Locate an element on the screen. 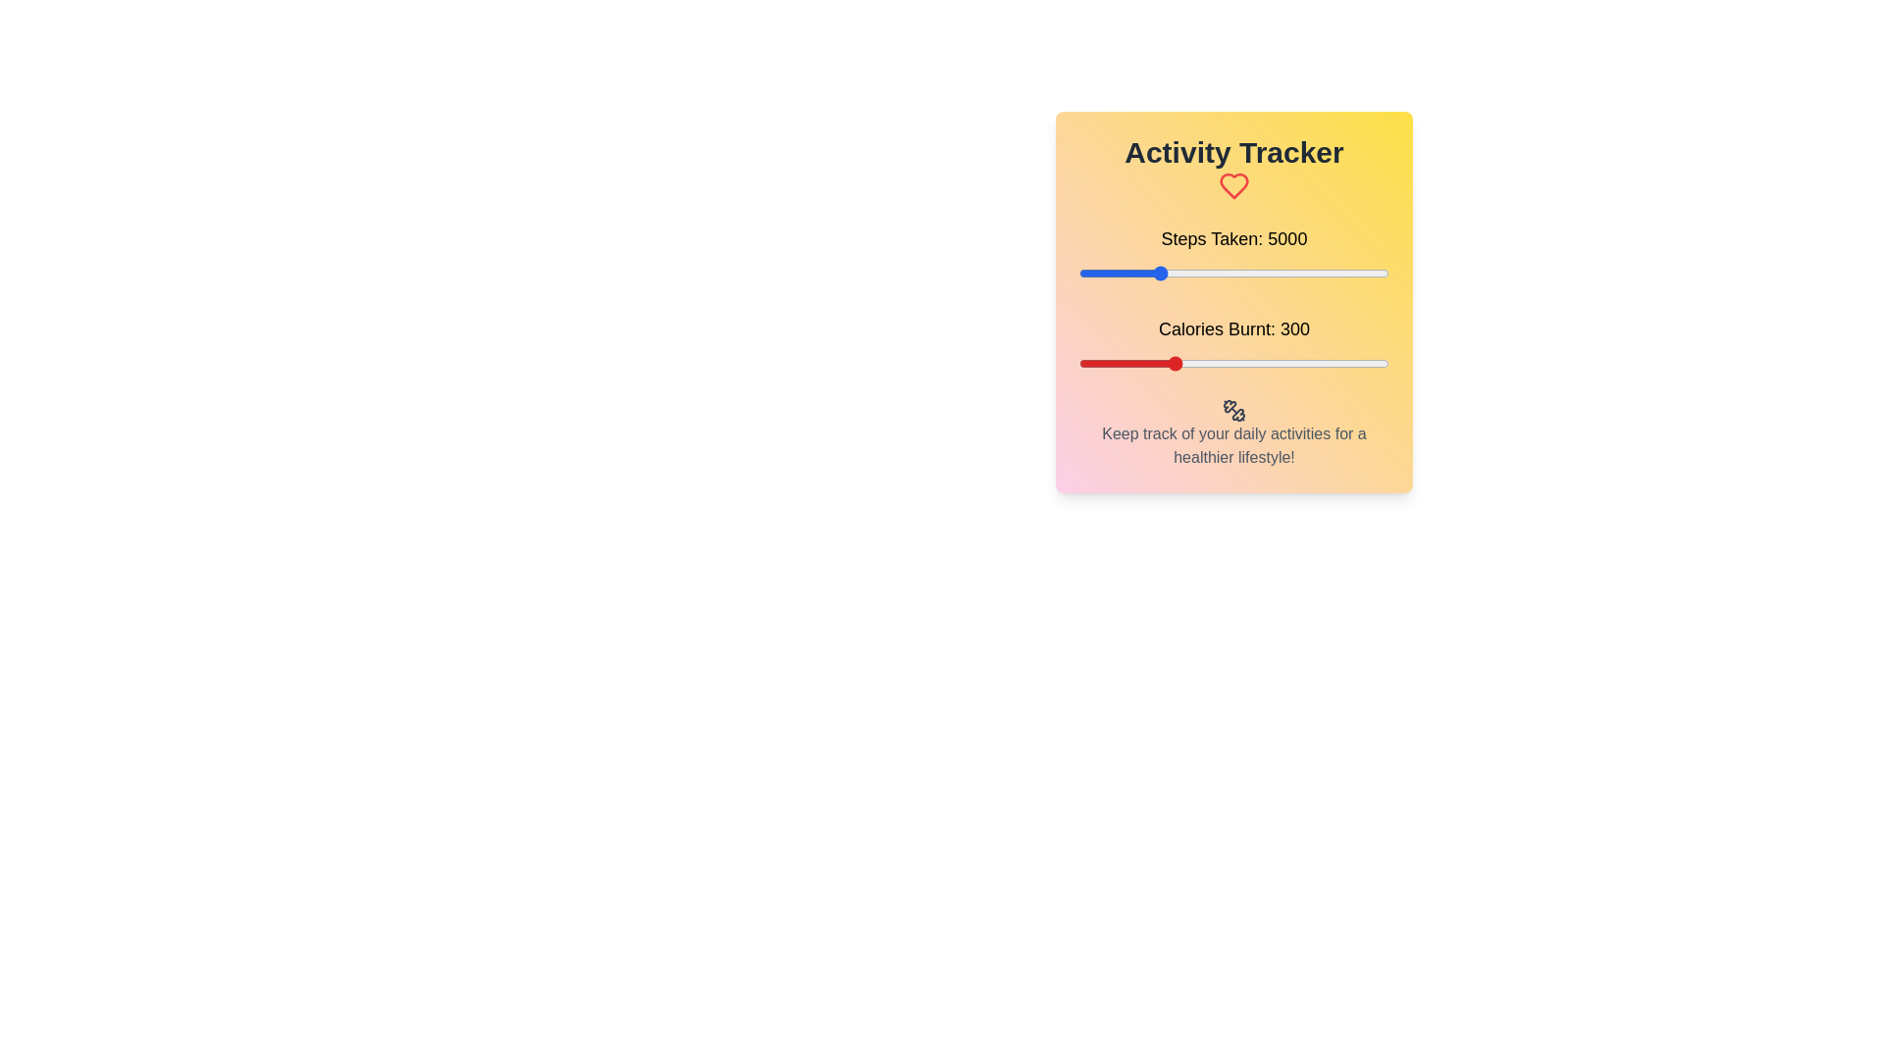 The image size is (1884, 1059). the heart icon representing health or activity tracking, located below the 'Activity Tracker' text and above the 'Steps Taken' information is located at coordinates (1232, 185).